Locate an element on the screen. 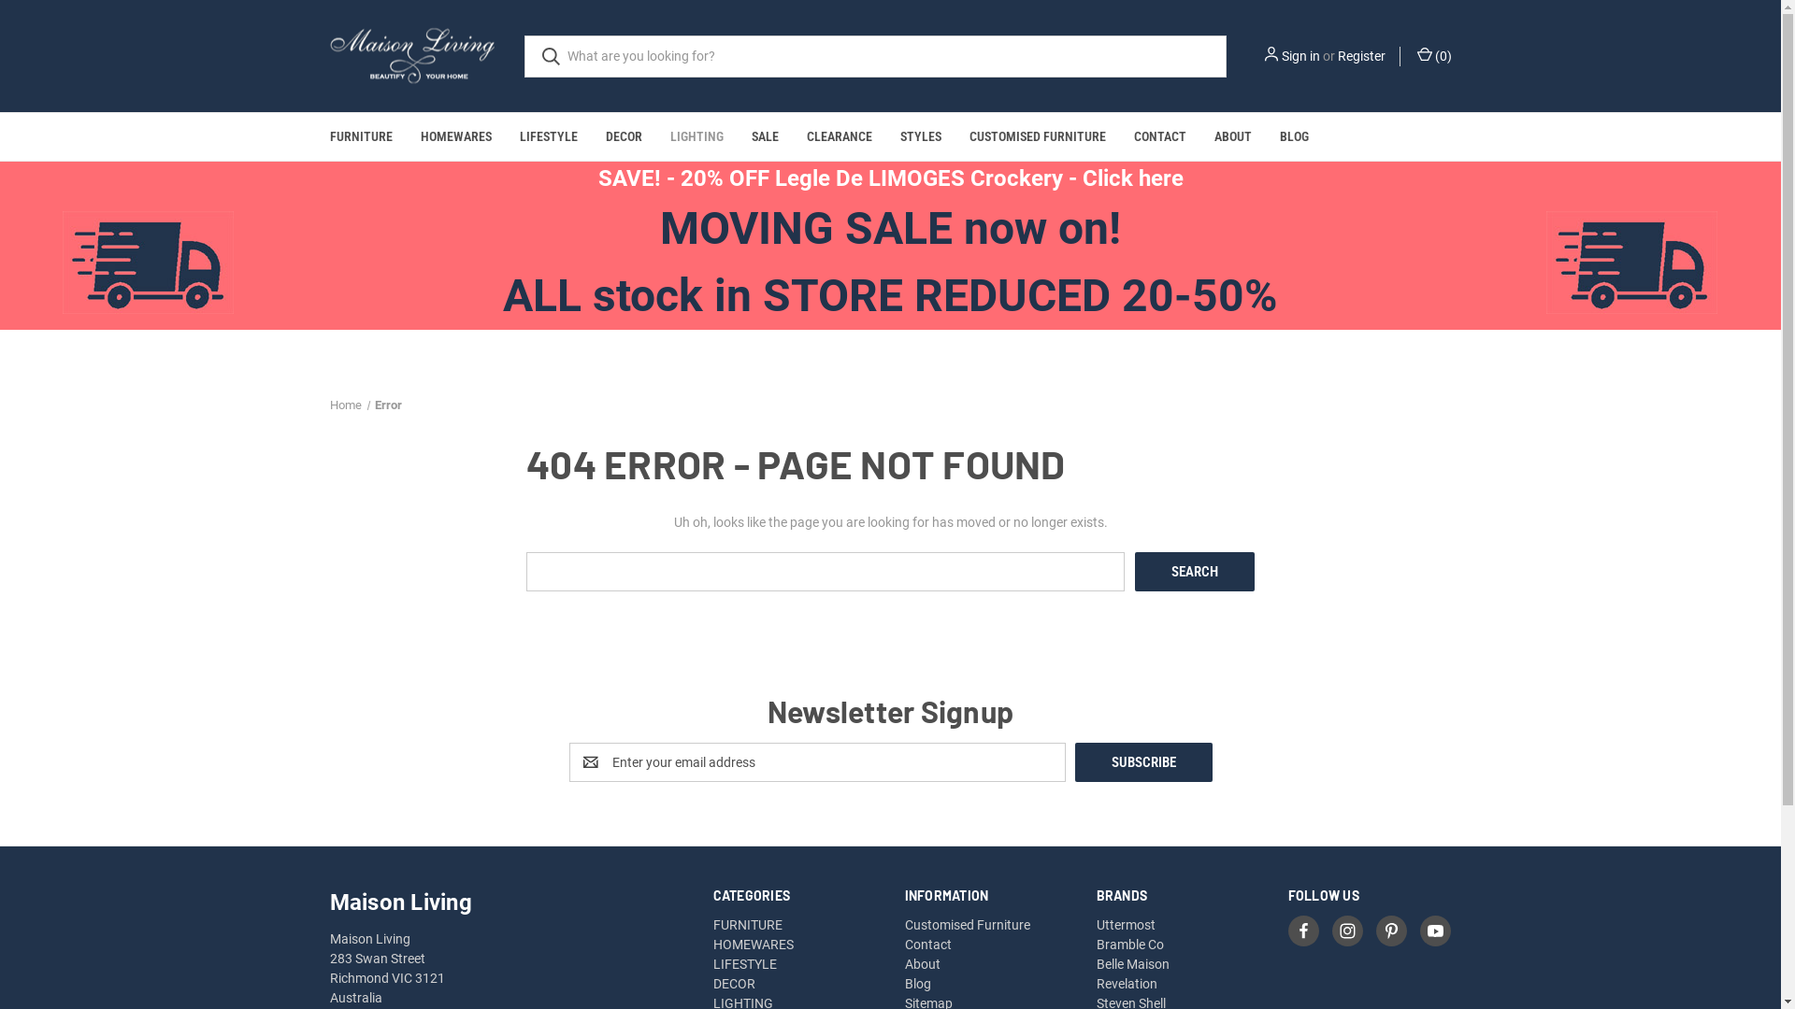  'Register' is located at coordinates (1360, 55).